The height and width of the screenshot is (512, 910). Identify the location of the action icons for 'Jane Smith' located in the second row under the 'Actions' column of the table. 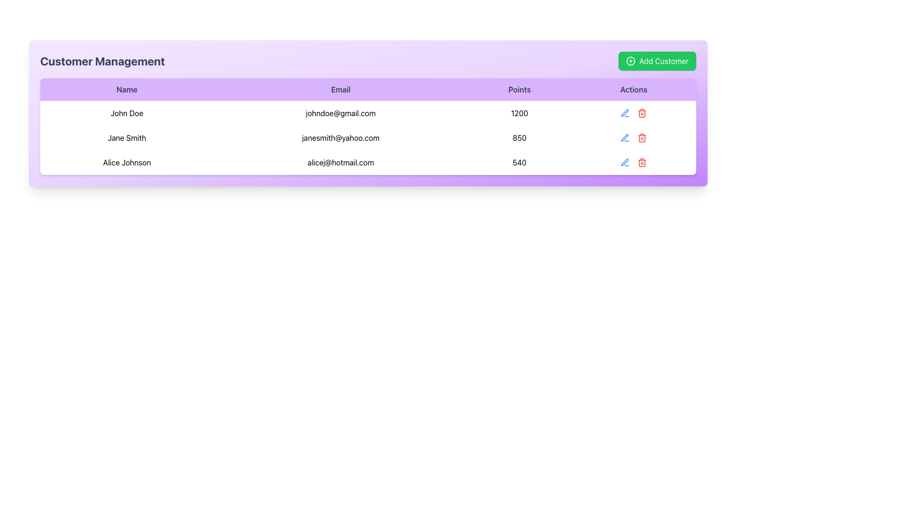
(634, 137).